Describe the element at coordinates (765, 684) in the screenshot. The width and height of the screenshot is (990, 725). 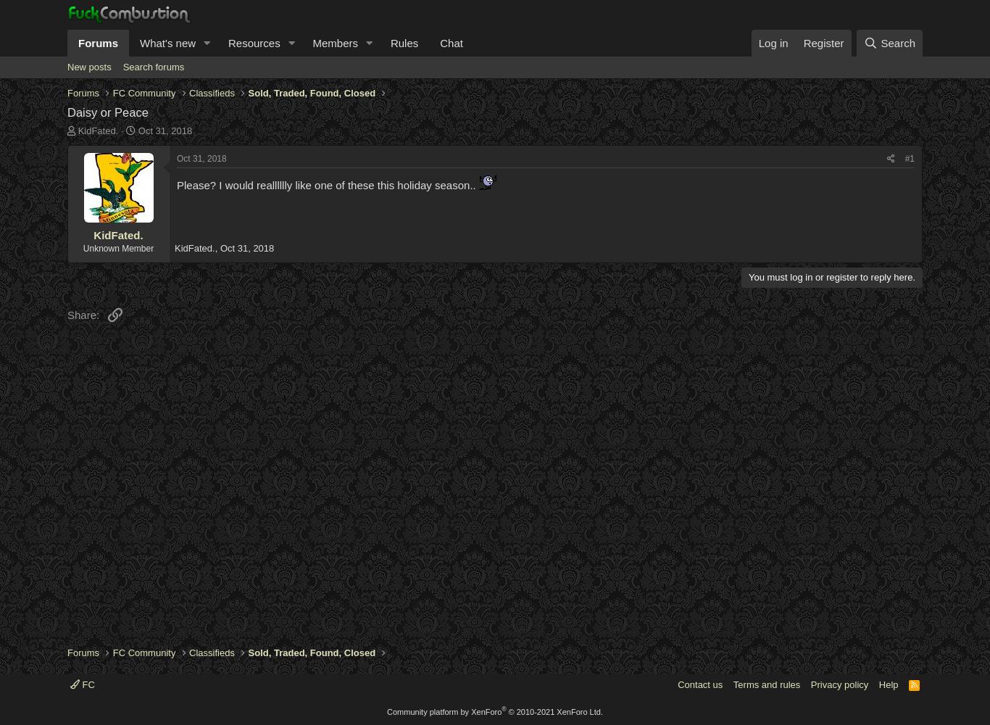
I see `'Terms and rules'` at that location.